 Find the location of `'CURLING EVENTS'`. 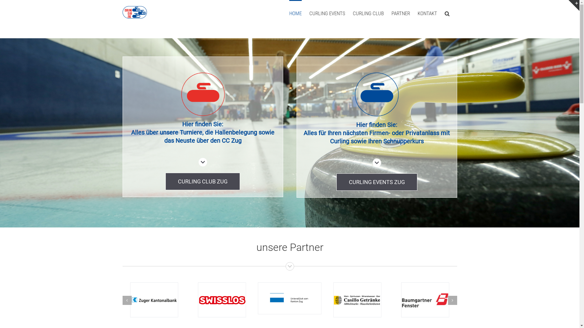

'CURLING EVENTS' is located at coordinates (309, 13).